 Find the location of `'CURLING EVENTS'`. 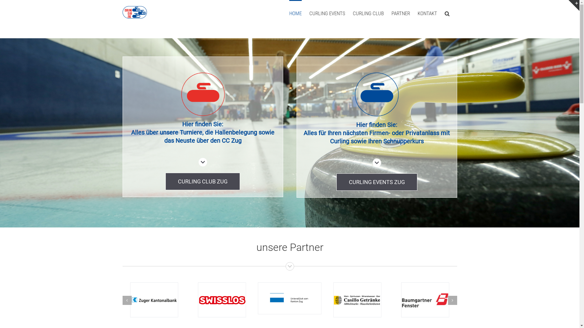

'CURLING EVENTS' is located at coordinates (309, 13).